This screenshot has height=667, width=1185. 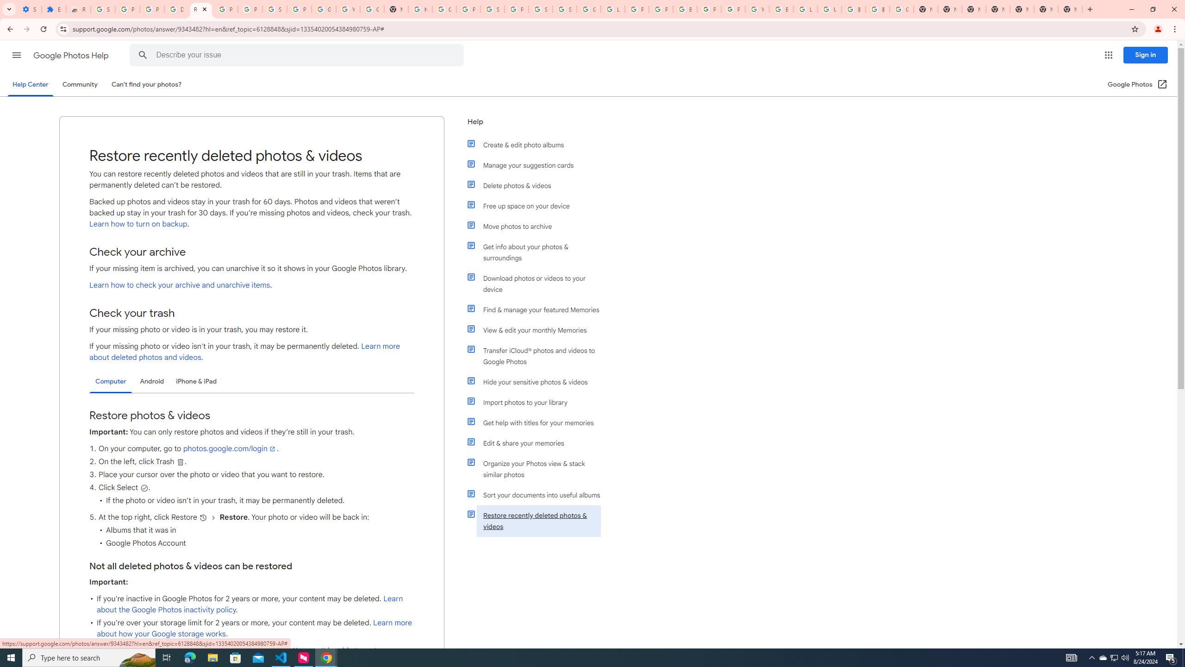 What do you see at coordinates (16, 55) in the screenshot?
I see `'Main menu'` at bounding box center [16, 55].